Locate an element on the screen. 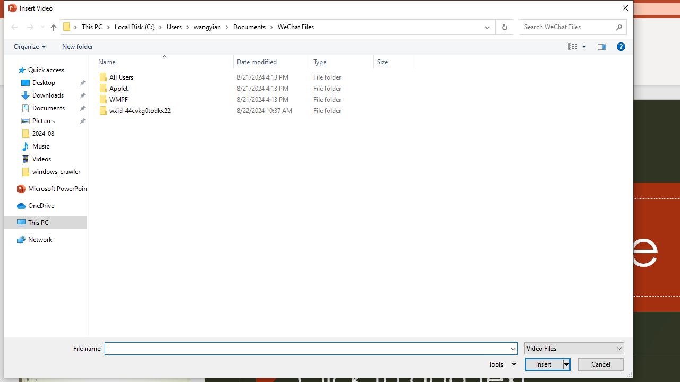  'Preview pane' is located at coordinates (601, 46).